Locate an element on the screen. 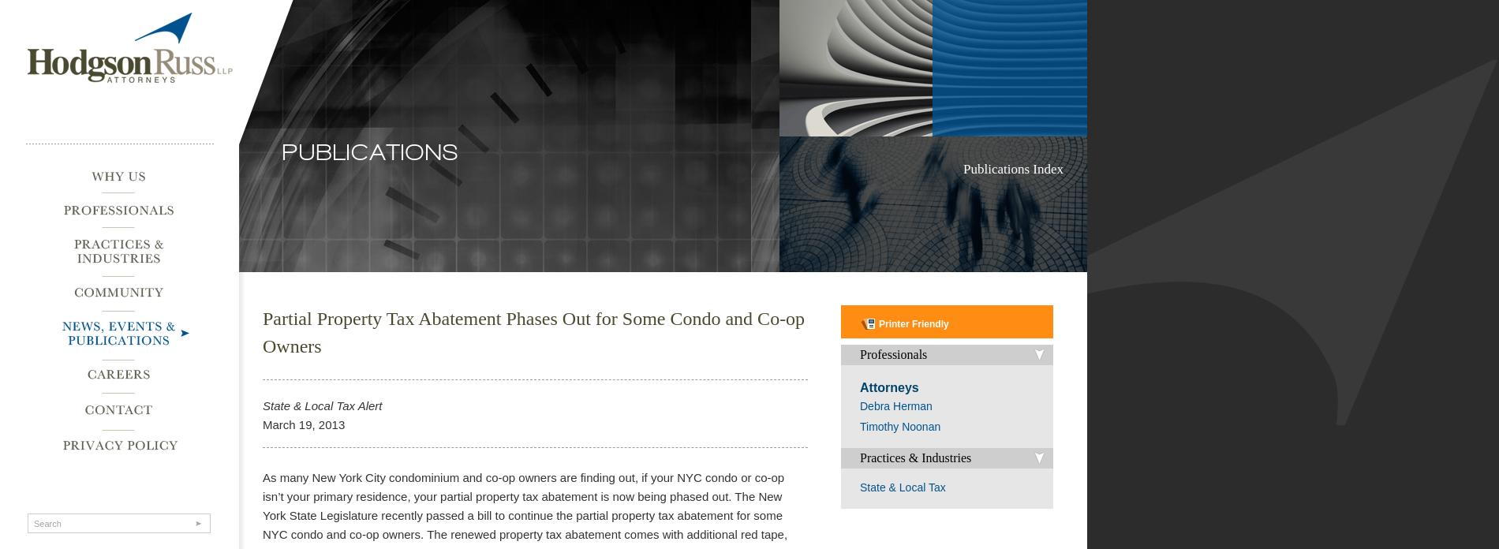 The height and width of the screenshot is (549, 1499). 'Publications Index' is located at coordinates (1012, 169).